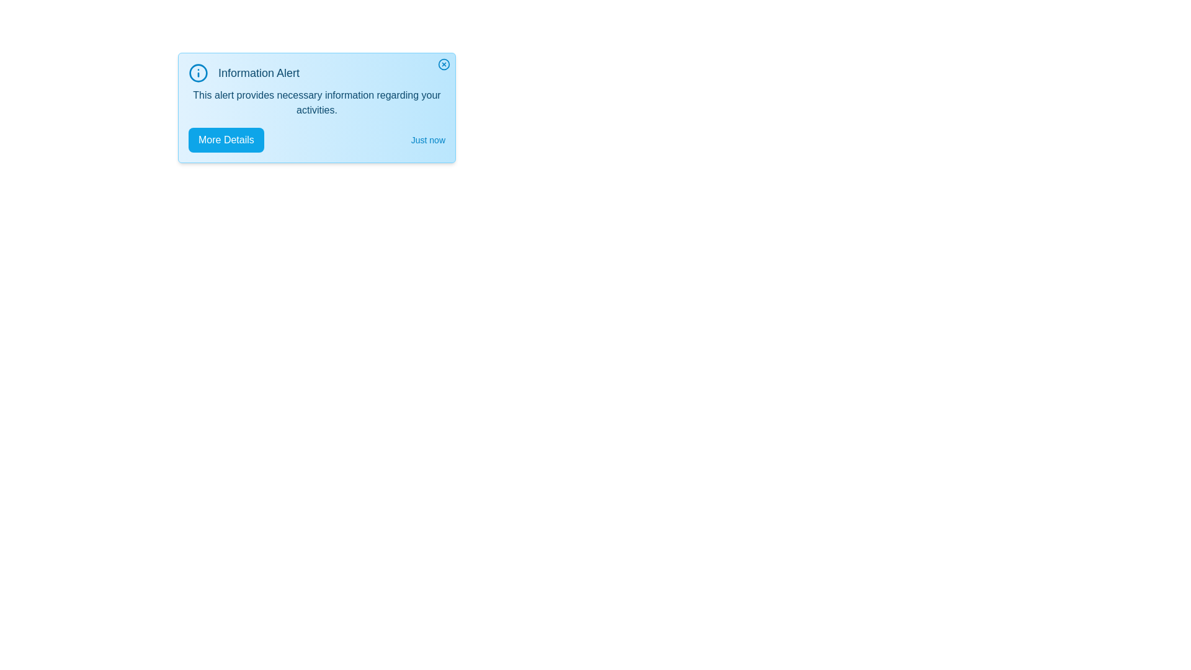 This screenshot has height=670, width=1191. Describe the element at coordinates (444, 65) in the screenshot. I see `the close button located at the top-right corner of the alert` at that location.